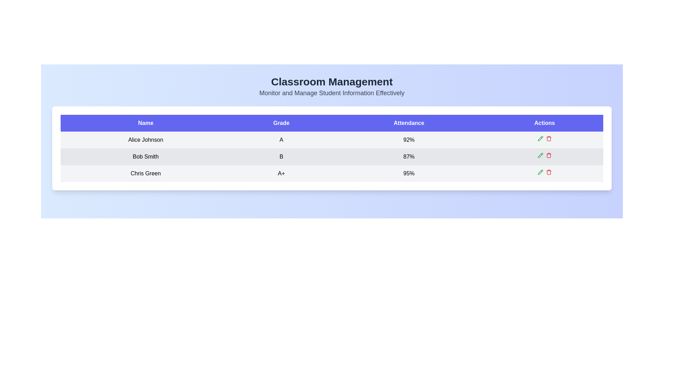  Describe the element at coordinates (145, 173) in the screenshot. I see `the text displayed in the Text label under the 'Name' column in the third row of the data table` at that location.